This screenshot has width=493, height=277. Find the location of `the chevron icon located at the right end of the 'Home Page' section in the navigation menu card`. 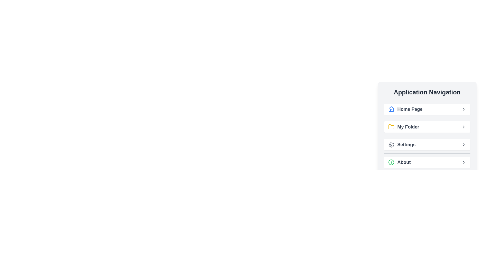

the chevron icon located at the right end of the 'Home Page' section in the navigation menu card is located at coordinates (463, 109).